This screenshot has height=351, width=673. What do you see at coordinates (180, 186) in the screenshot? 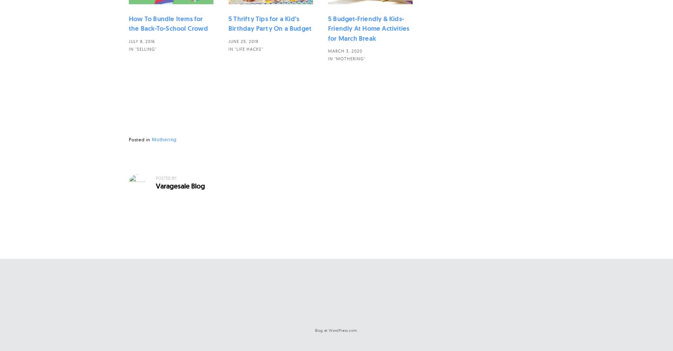
I see `'Varagesale Blog'` at bounding box center [180, 186].